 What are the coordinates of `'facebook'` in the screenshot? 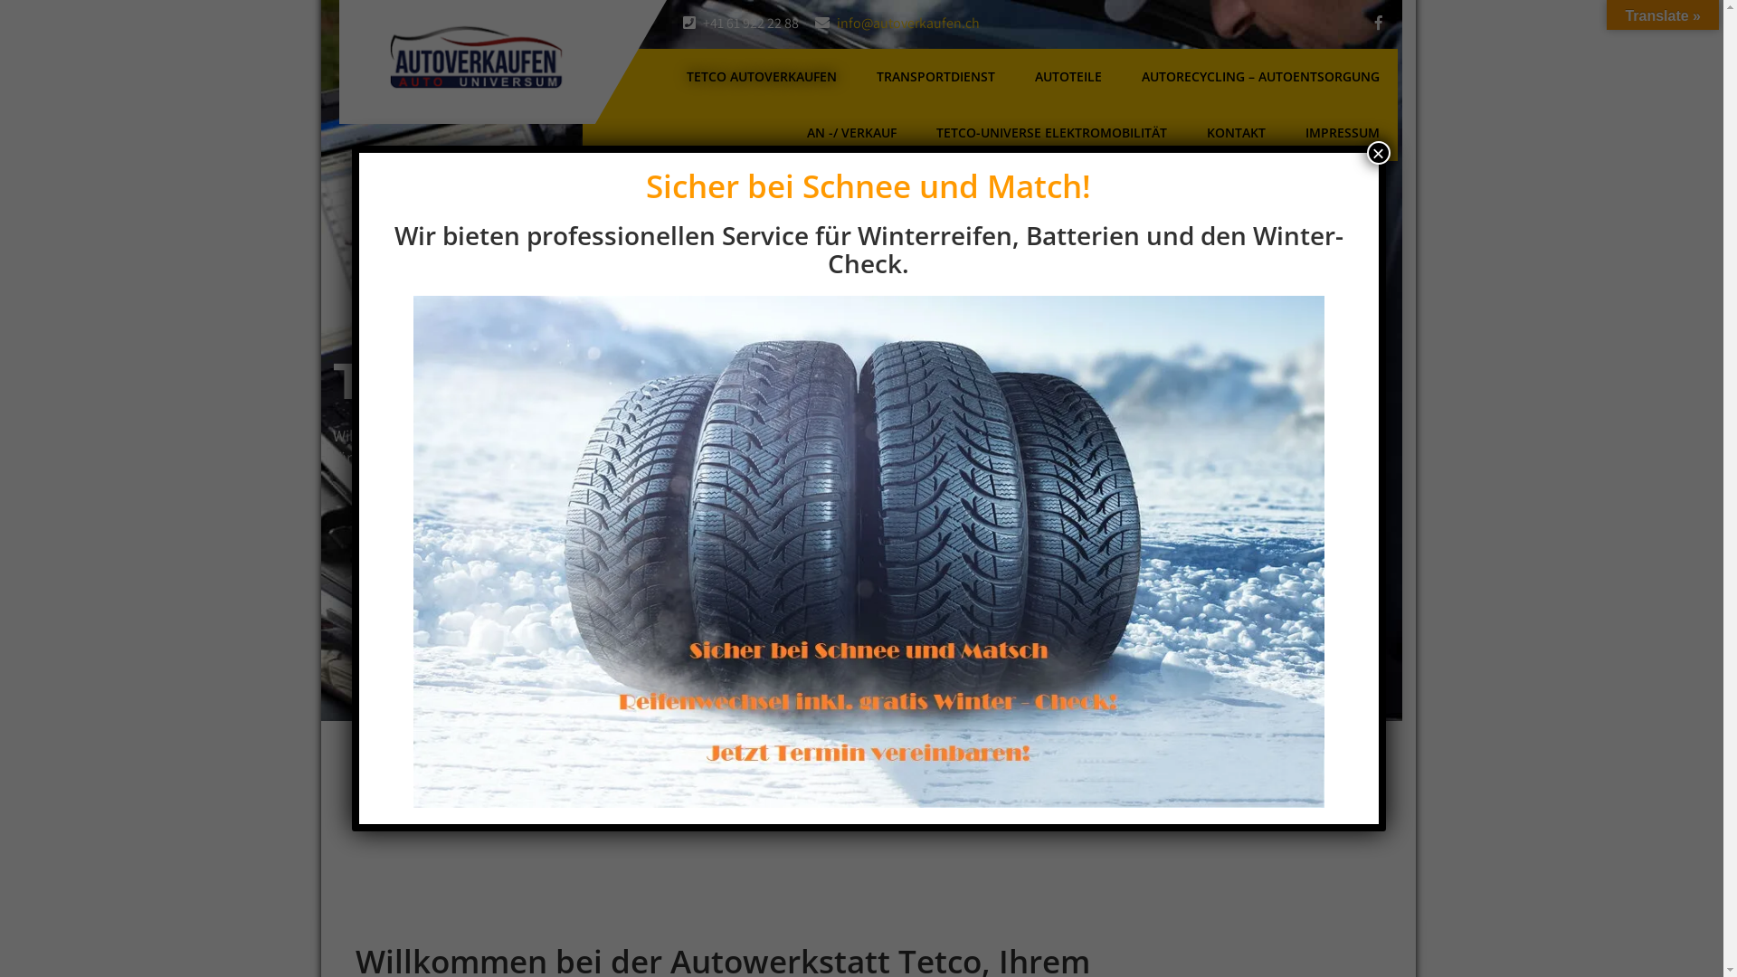 It's located at (1377, 23).